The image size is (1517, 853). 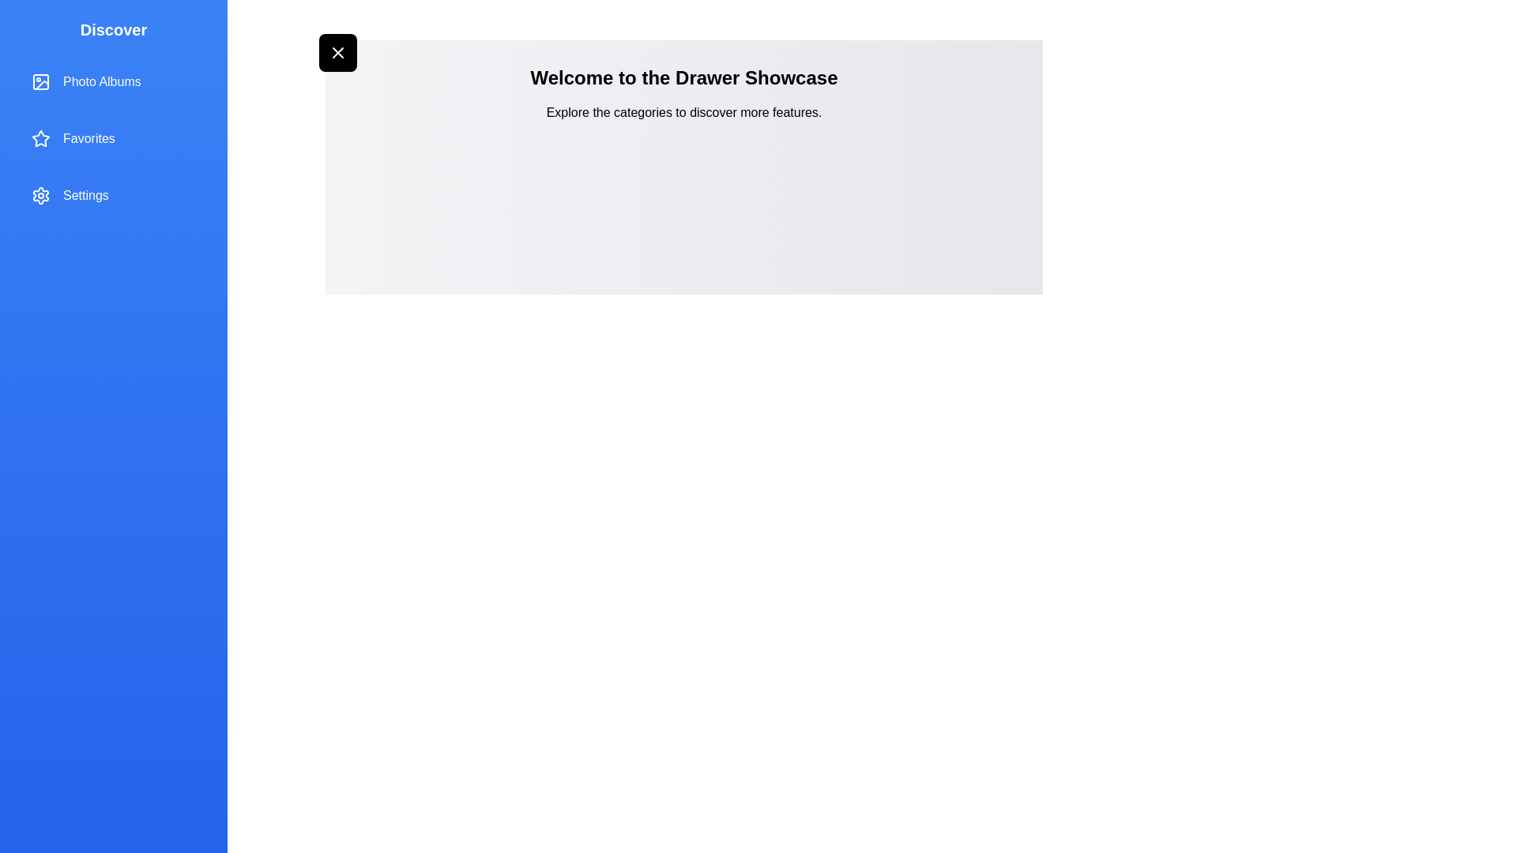 What do you see at coordinates (41, 82) in the screenshot?
I see `the icon associated with Photo Albums in the drawer` at bounding box center [41, 82].